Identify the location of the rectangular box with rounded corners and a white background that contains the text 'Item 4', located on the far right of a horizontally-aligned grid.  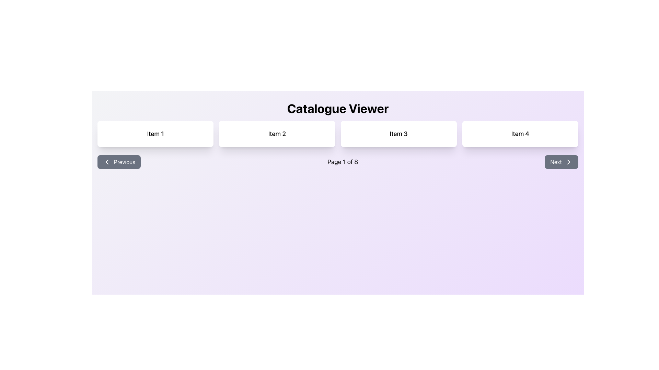
(520, 134).